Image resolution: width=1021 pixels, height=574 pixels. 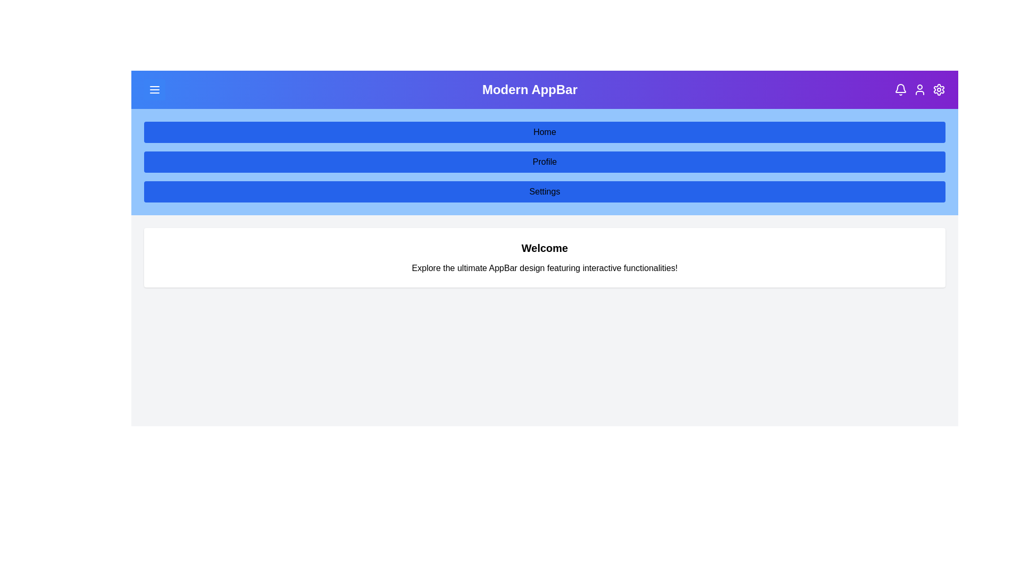 I want to click on the Profile navigation button, so click(x=545, y=162).